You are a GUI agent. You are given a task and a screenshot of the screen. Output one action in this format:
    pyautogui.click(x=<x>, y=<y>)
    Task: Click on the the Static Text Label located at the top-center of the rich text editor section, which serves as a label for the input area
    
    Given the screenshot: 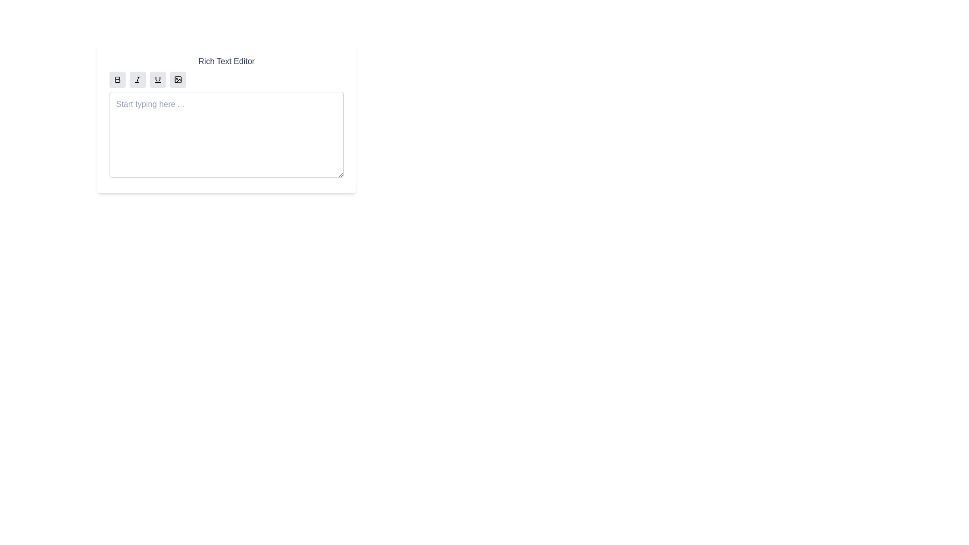 What is the action you would take?
    pyautogui.click(x=226, y=62)
    